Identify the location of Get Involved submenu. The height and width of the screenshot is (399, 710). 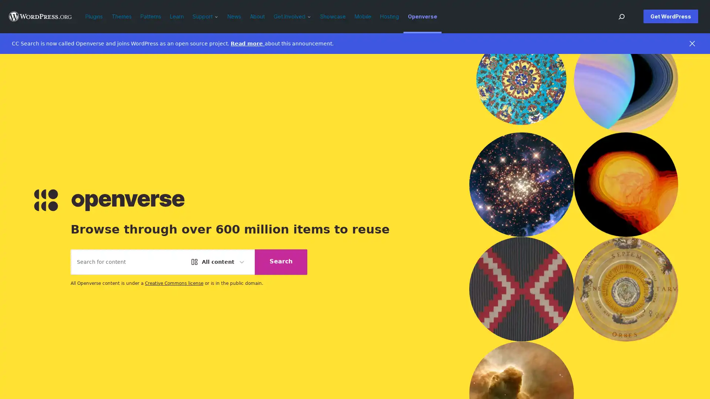
(311, 16).